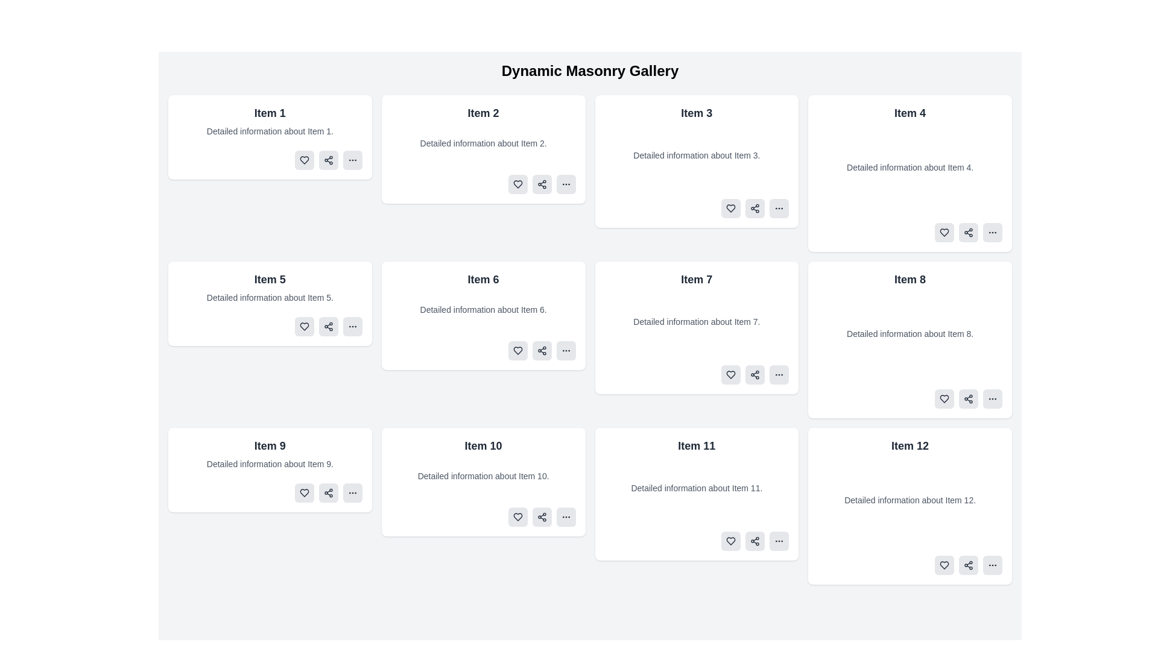 The height and width of the screenshot is (651, 1158). Describe the element at coordinates (304, 160) in the screenshot. I see `the heart icon button outlined in black, located in the bottom left of the 'Item 1' card` at that location.